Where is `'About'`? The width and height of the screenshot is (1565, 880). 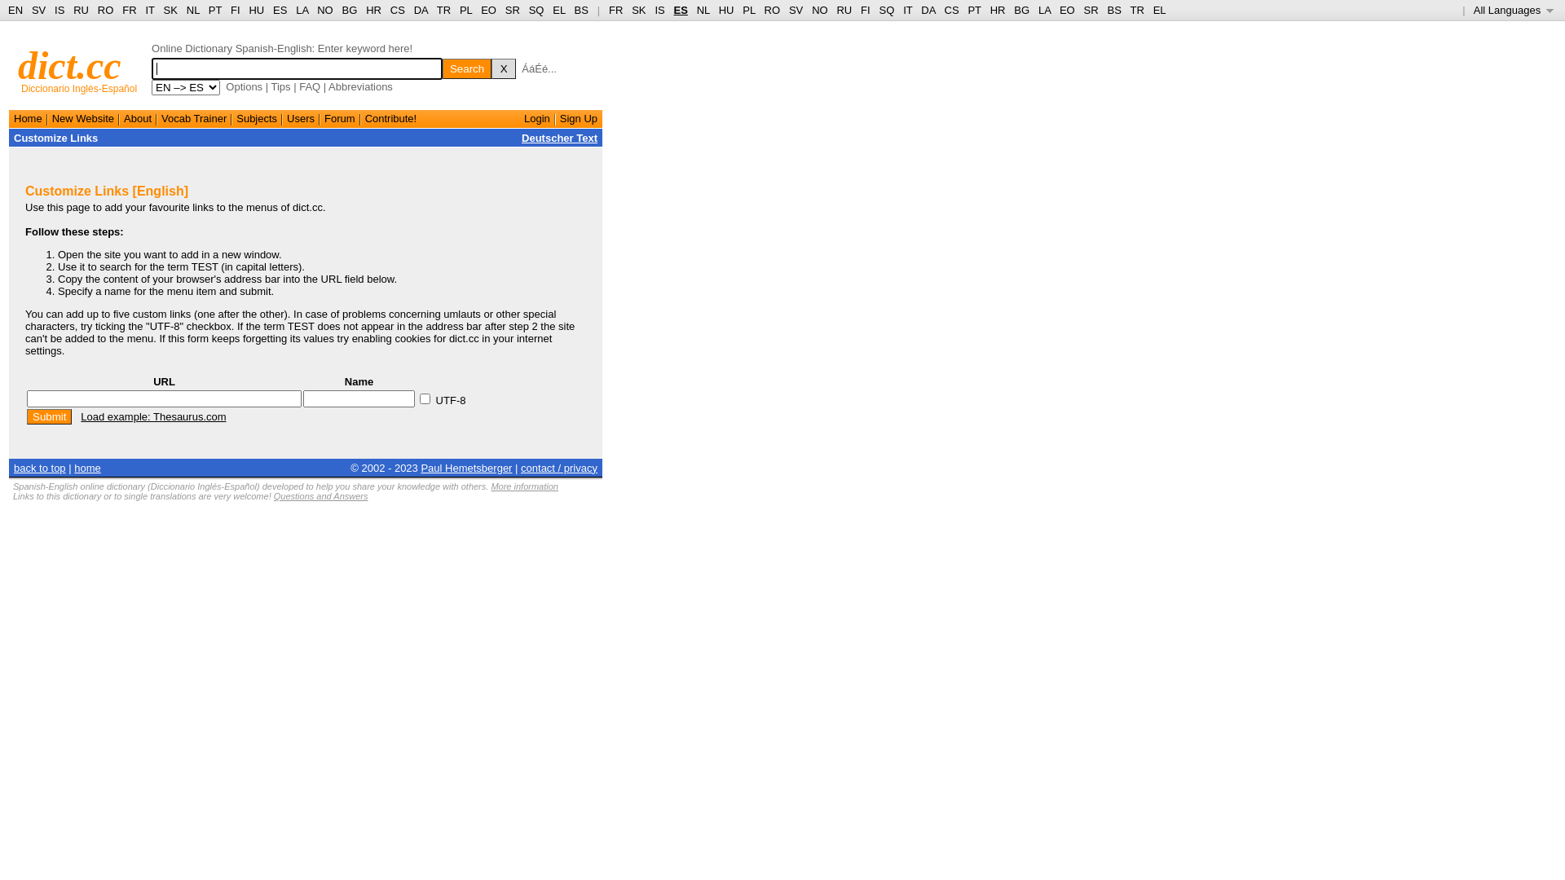
'About' is located at coordinates (137, 117).